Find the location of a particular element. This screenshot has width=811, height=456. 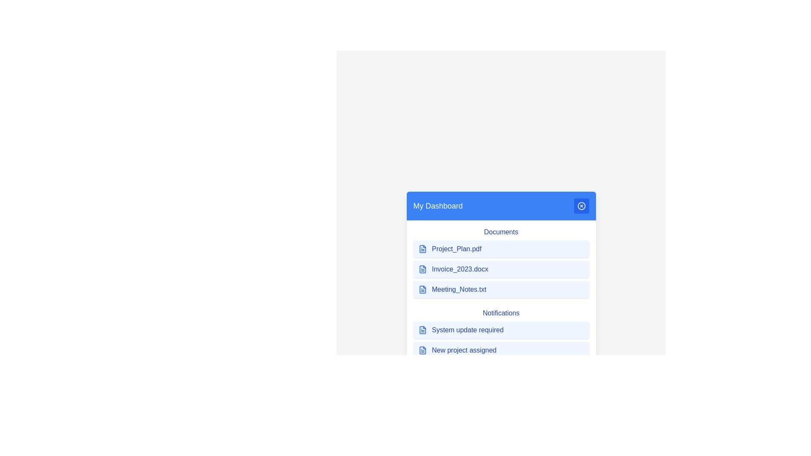

the item Meeting_Notes.txt in the menu to highlight it is located at coordinates (501, 289).